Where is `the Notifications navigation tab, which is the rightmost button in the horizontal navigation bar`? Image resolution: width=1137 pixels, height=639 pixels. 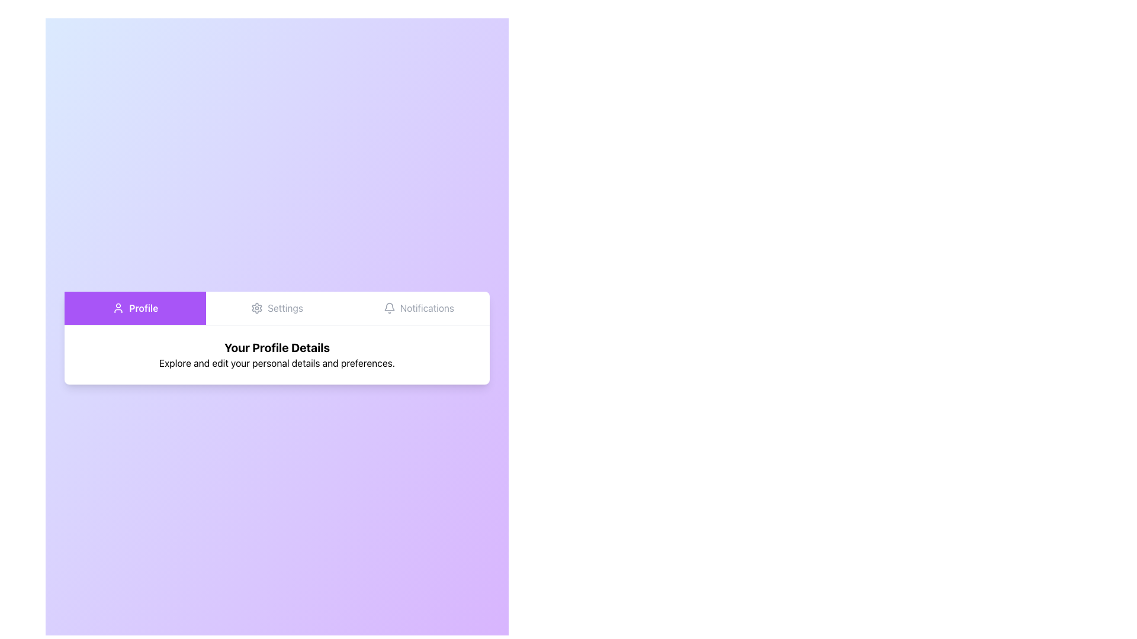 the Notifications navigation tab, which is the rightmost button in the horizontal navigation bar is located at coordinates (419, 307).